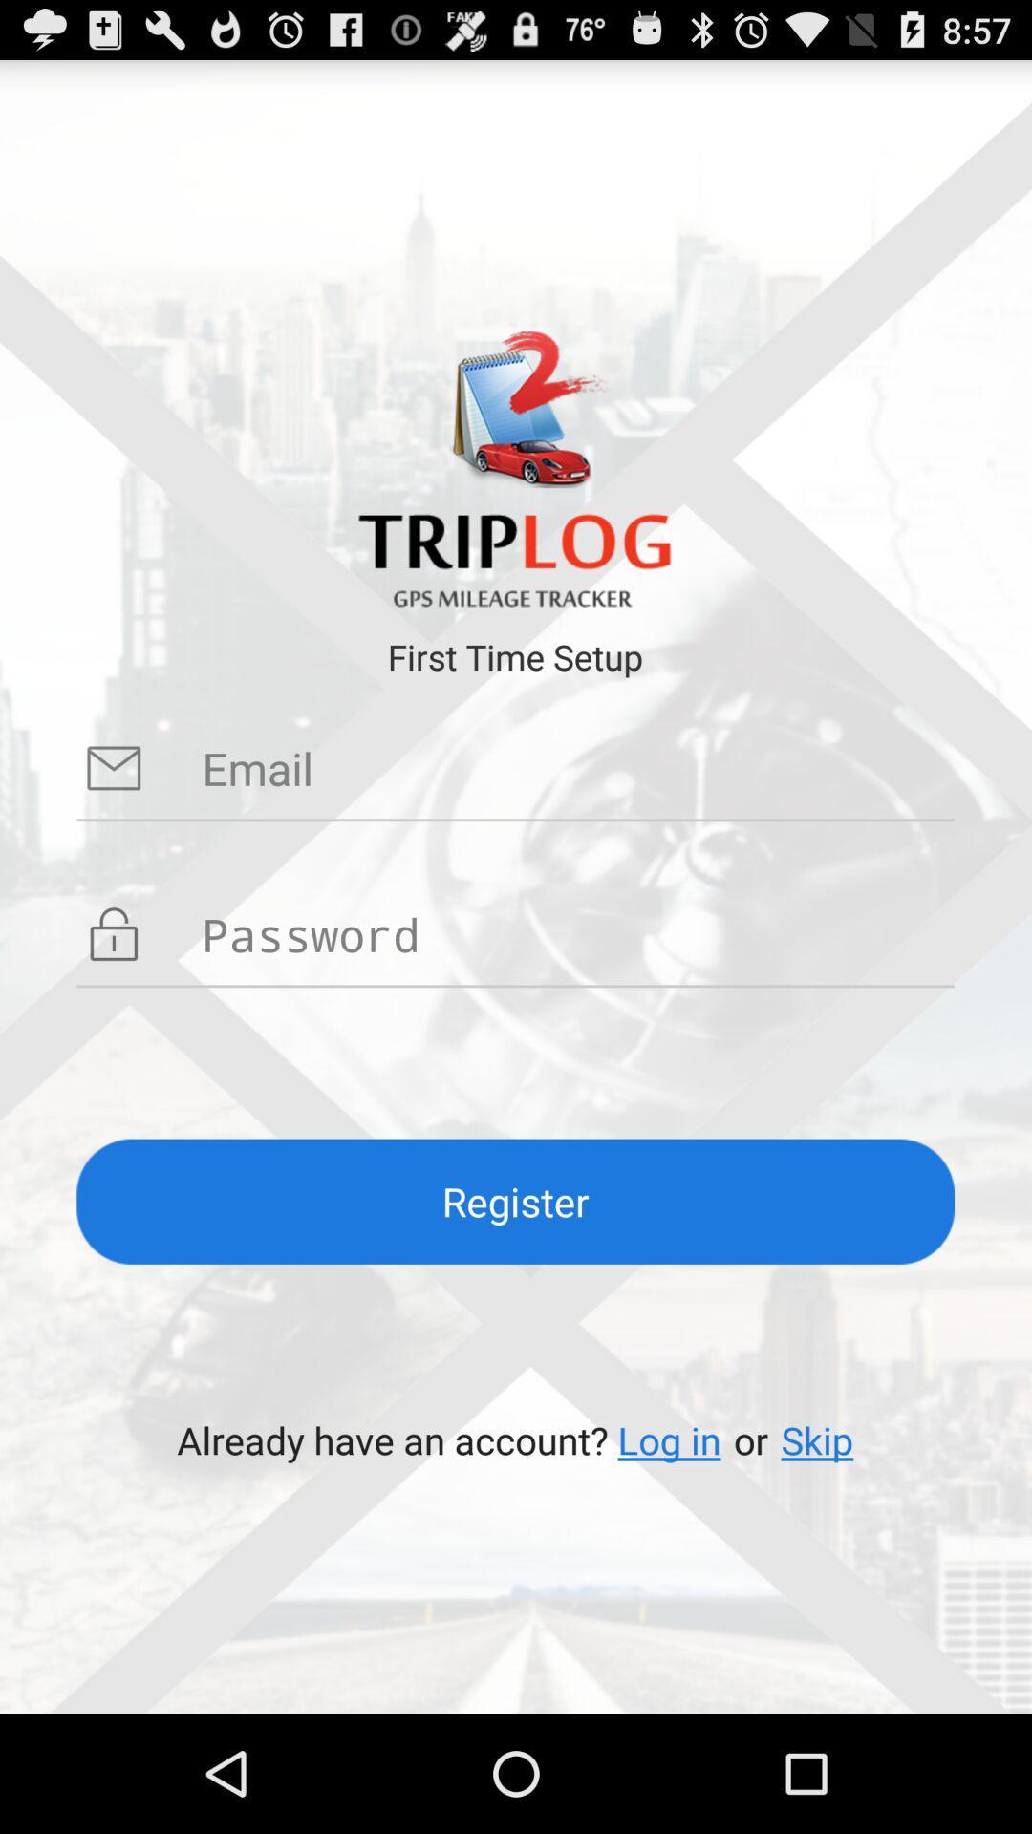 The height and width of the screenshot is (1834, 1032). Describe the element at coordinates (577, 934) in the screenshot. I see `password` at that location.